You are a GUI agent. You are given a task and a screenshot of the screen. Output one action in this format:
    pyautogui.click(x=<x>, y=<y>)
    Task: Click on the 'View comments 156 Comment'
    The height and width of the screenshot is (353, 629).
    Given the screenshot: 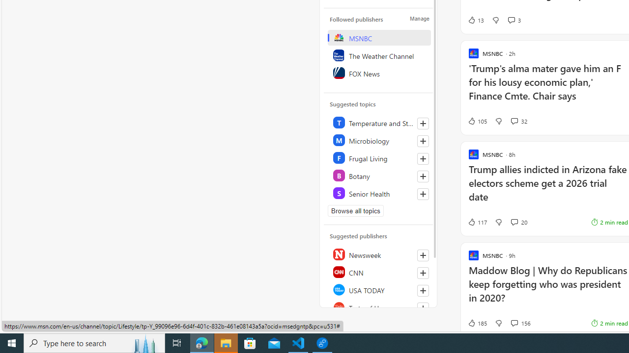 What is the action you would take?
    pyautogui.click(x=514, y=323)
    